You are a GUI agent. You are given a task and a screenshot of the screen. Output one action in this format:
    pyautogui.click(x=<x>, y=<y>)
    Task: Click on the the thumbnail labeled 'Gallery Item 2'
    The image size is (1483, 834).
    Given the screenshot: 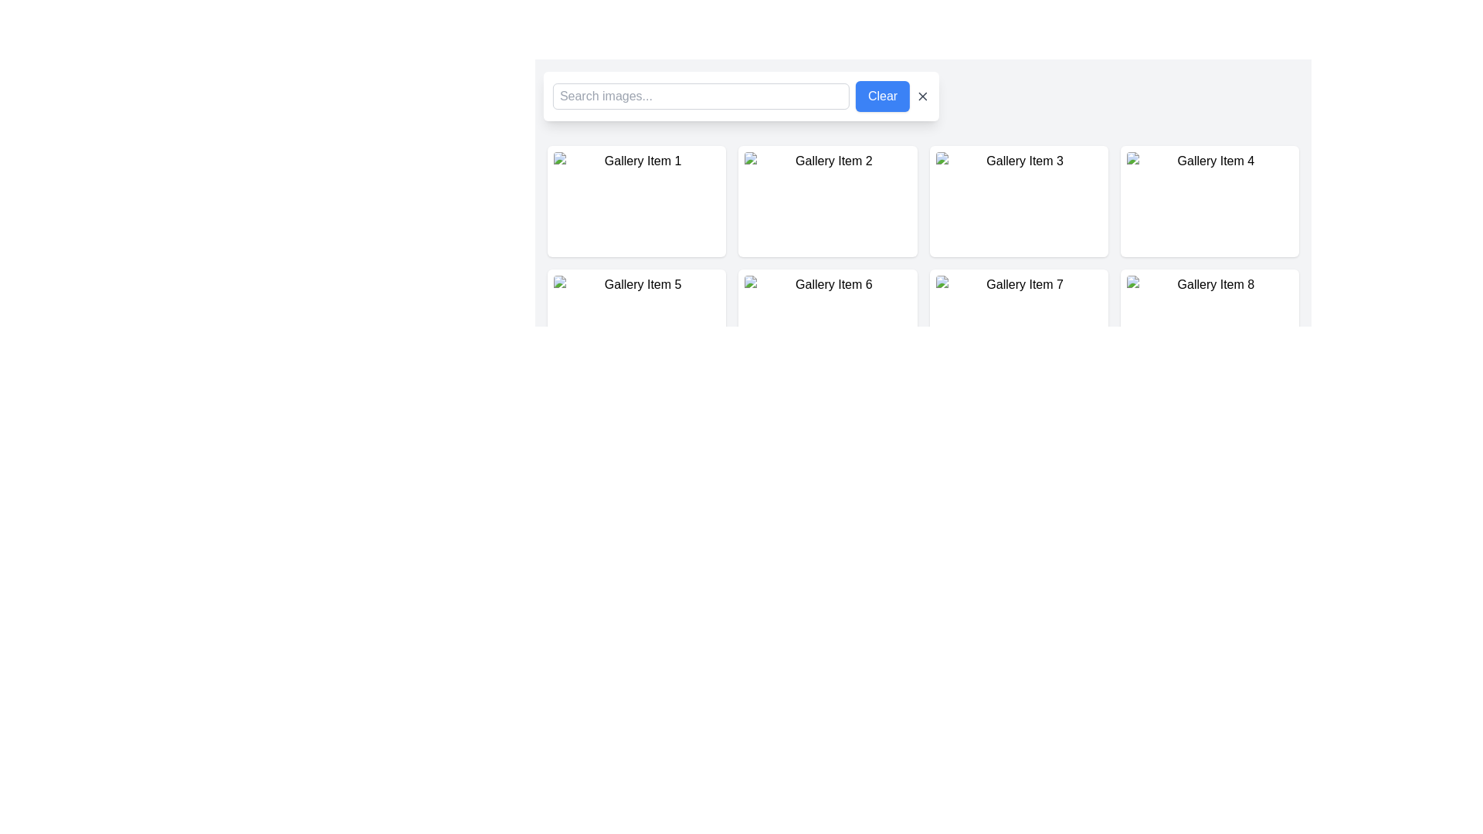 What is the action you would take?
    pyautogui.click(x=826, y=201)
    